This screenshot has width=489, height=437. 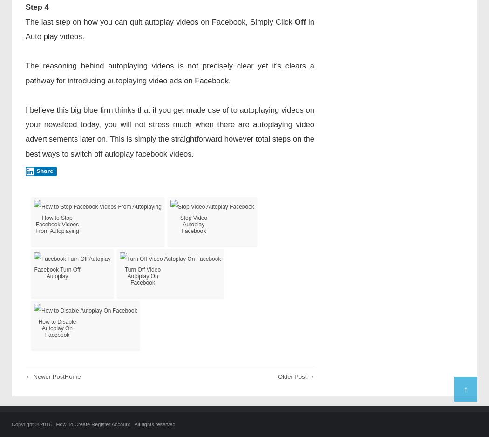 I want to click on '← Newer Post', so click(x=45, y=376).